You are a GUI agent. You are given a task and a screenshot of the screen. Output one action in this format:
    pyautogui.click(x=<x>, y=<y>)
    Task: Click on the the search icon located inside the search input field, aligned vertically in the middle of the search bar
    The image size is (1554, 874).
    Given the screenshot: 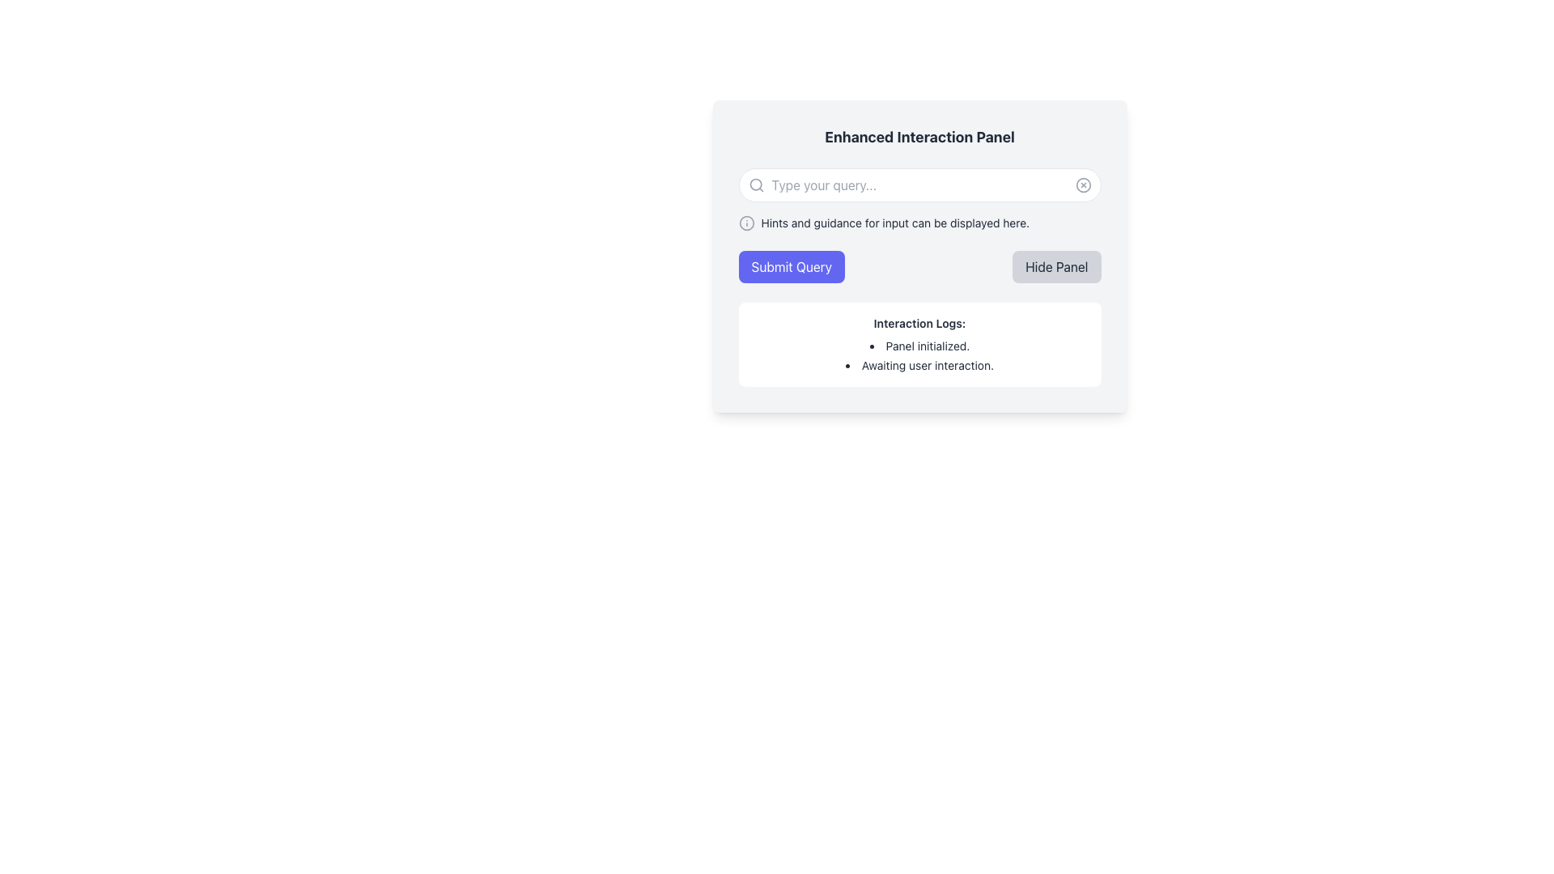 What is the action you would take?
    pyautogui.click(x=755, y=184)
    